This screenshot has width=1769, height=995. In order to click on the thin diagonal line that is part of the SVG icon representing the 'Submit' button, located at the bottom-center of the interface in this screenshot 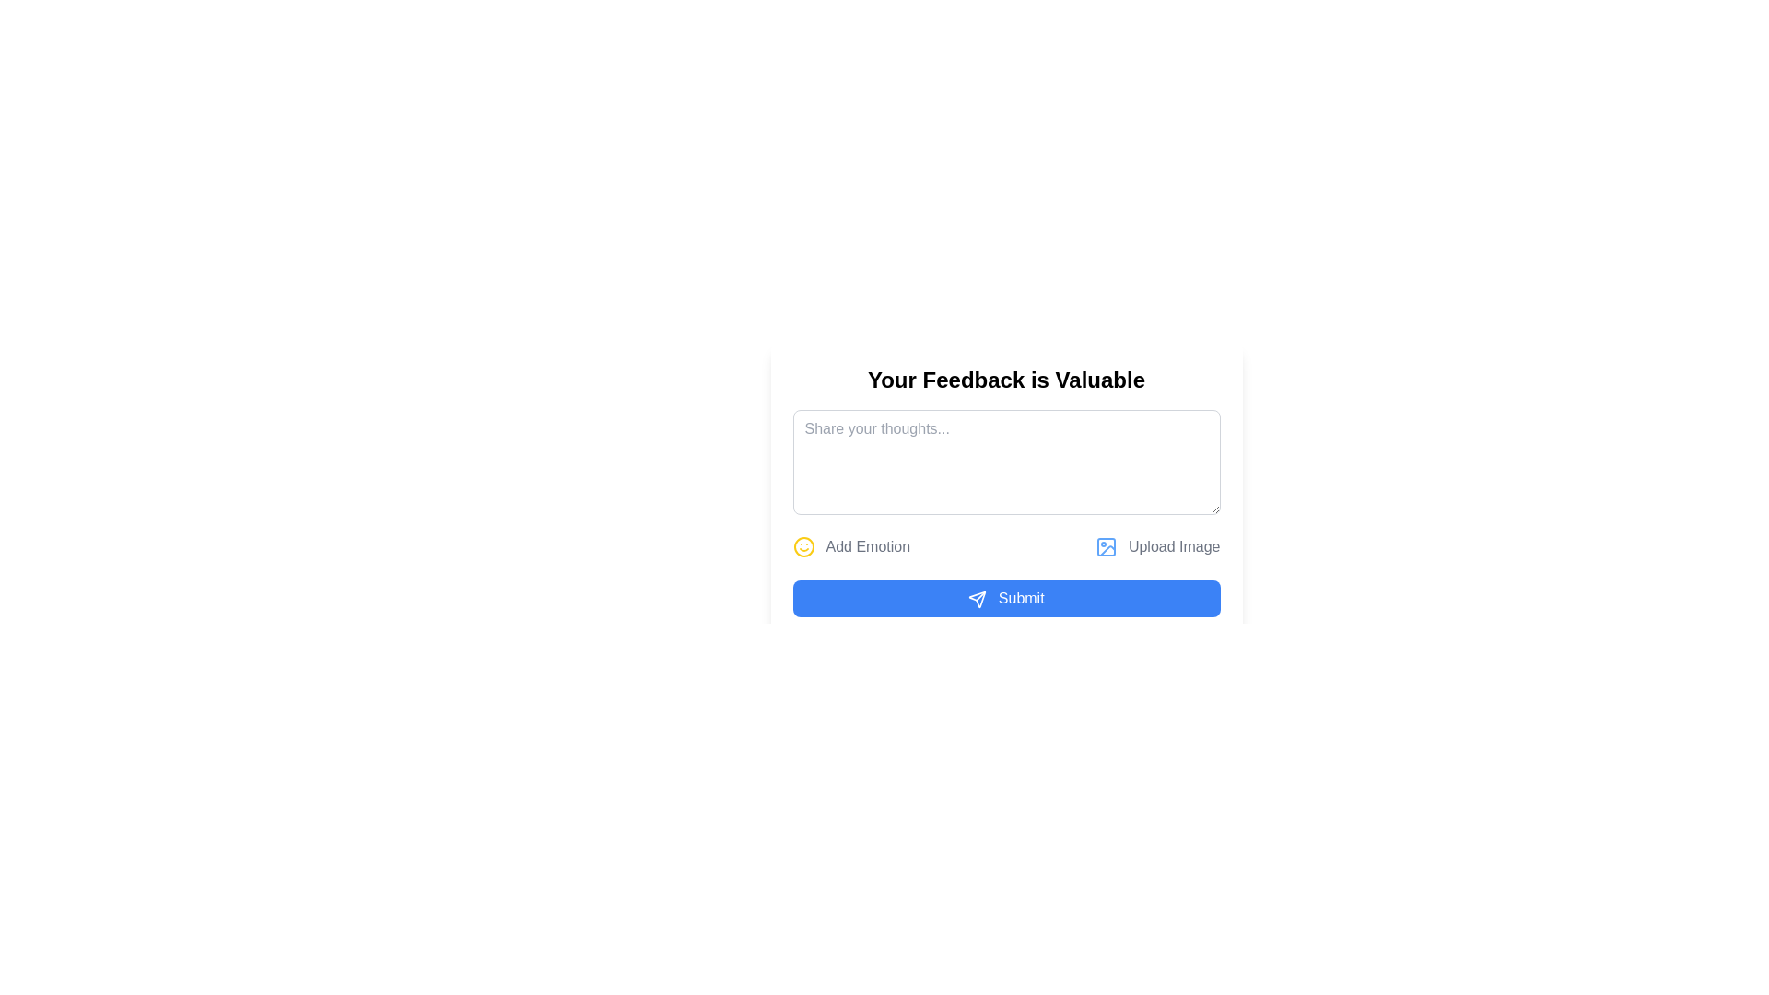, I will do `click(980, 596)`.